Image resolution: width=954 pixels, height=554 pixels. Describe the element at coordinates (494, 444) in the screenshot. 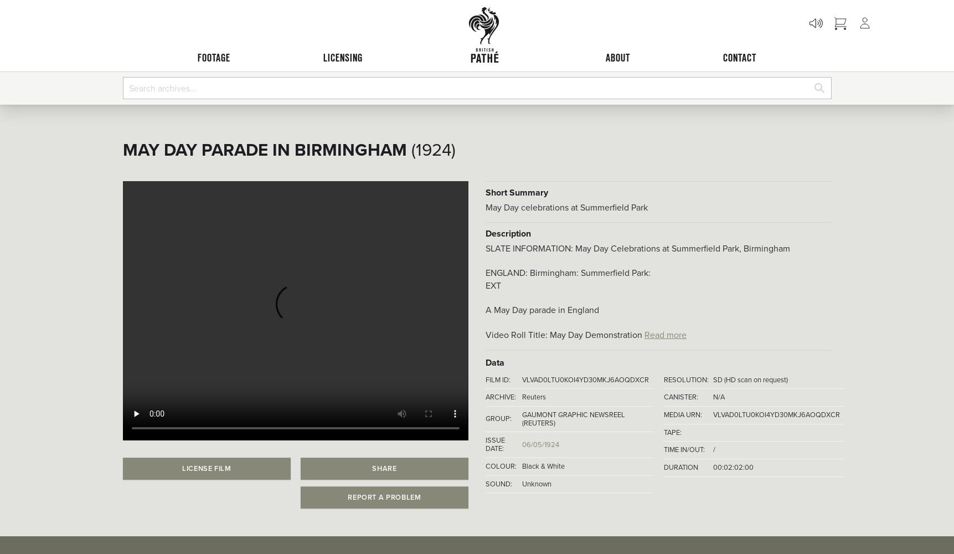

I see `'Issue Date:'` at that location.